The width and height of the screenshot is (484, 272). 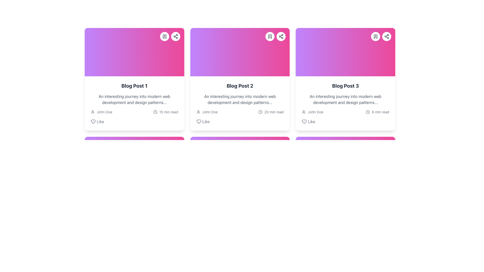 What do you see at coordinates (377, 112) in the screenshot?
I see `informational label that displays '6 min read' beside a clock icon located in the footer section of the third card under 'Blog Post 3'` at bounding box center [377, 112].